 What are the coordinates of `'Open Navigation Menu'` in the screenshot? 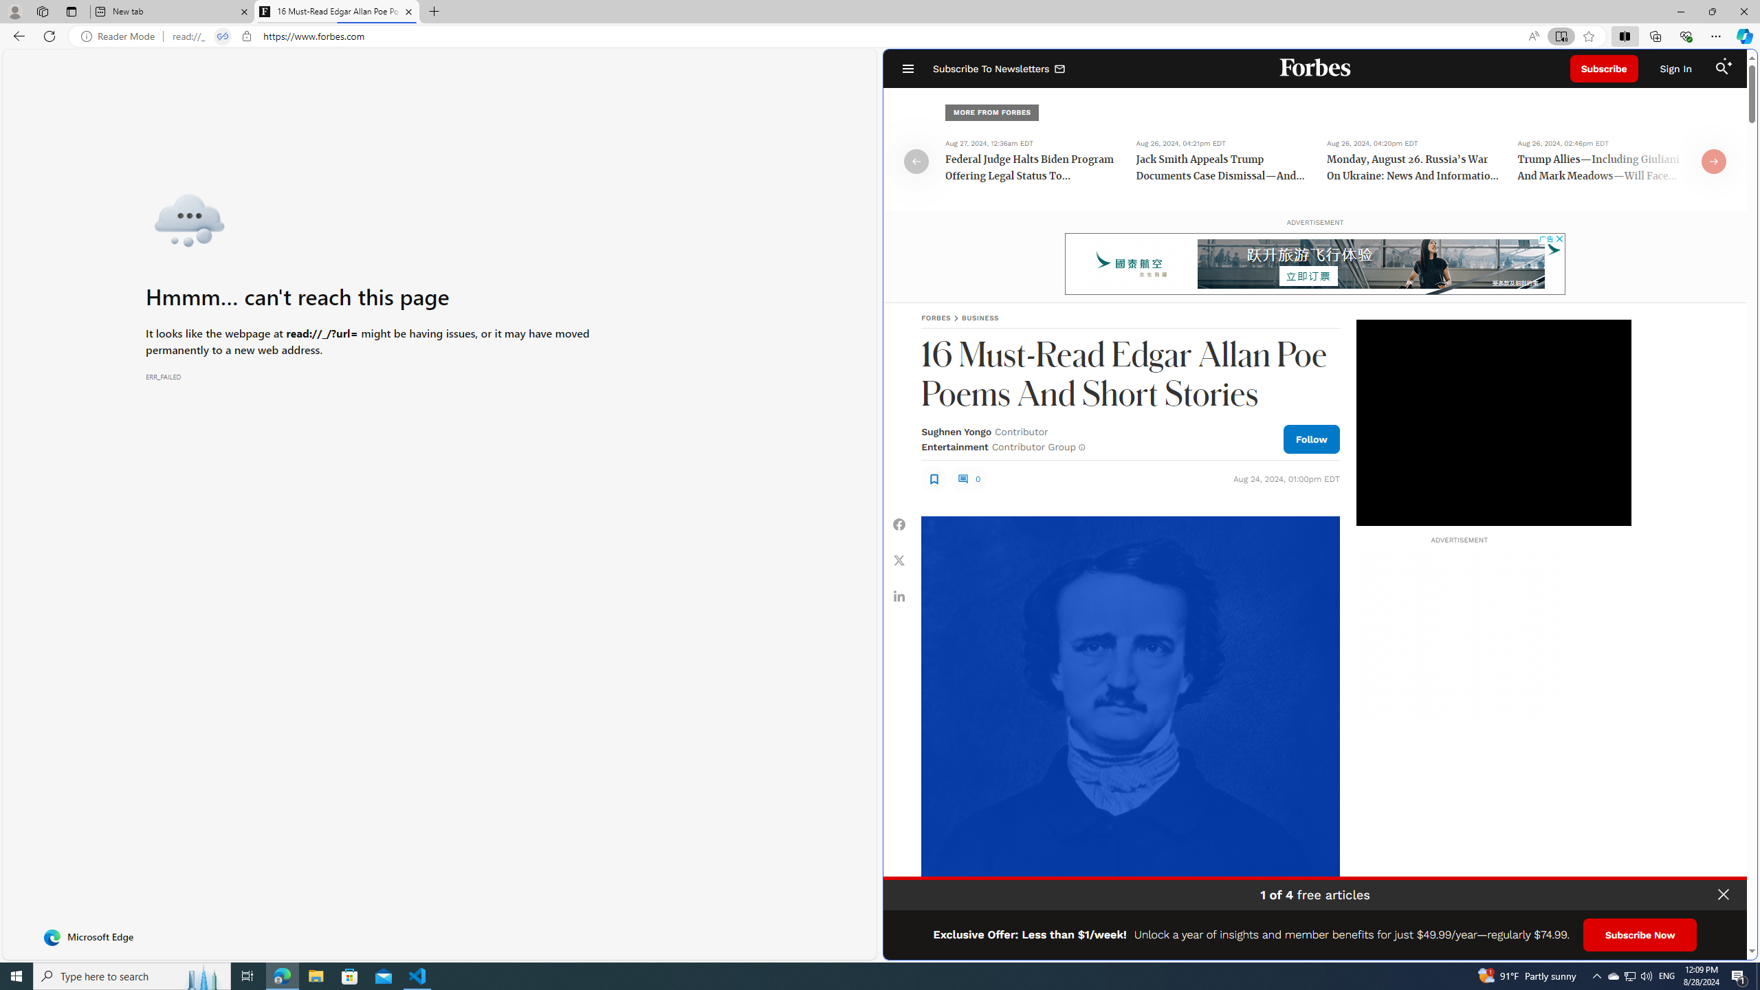 It's located at (907, 68).